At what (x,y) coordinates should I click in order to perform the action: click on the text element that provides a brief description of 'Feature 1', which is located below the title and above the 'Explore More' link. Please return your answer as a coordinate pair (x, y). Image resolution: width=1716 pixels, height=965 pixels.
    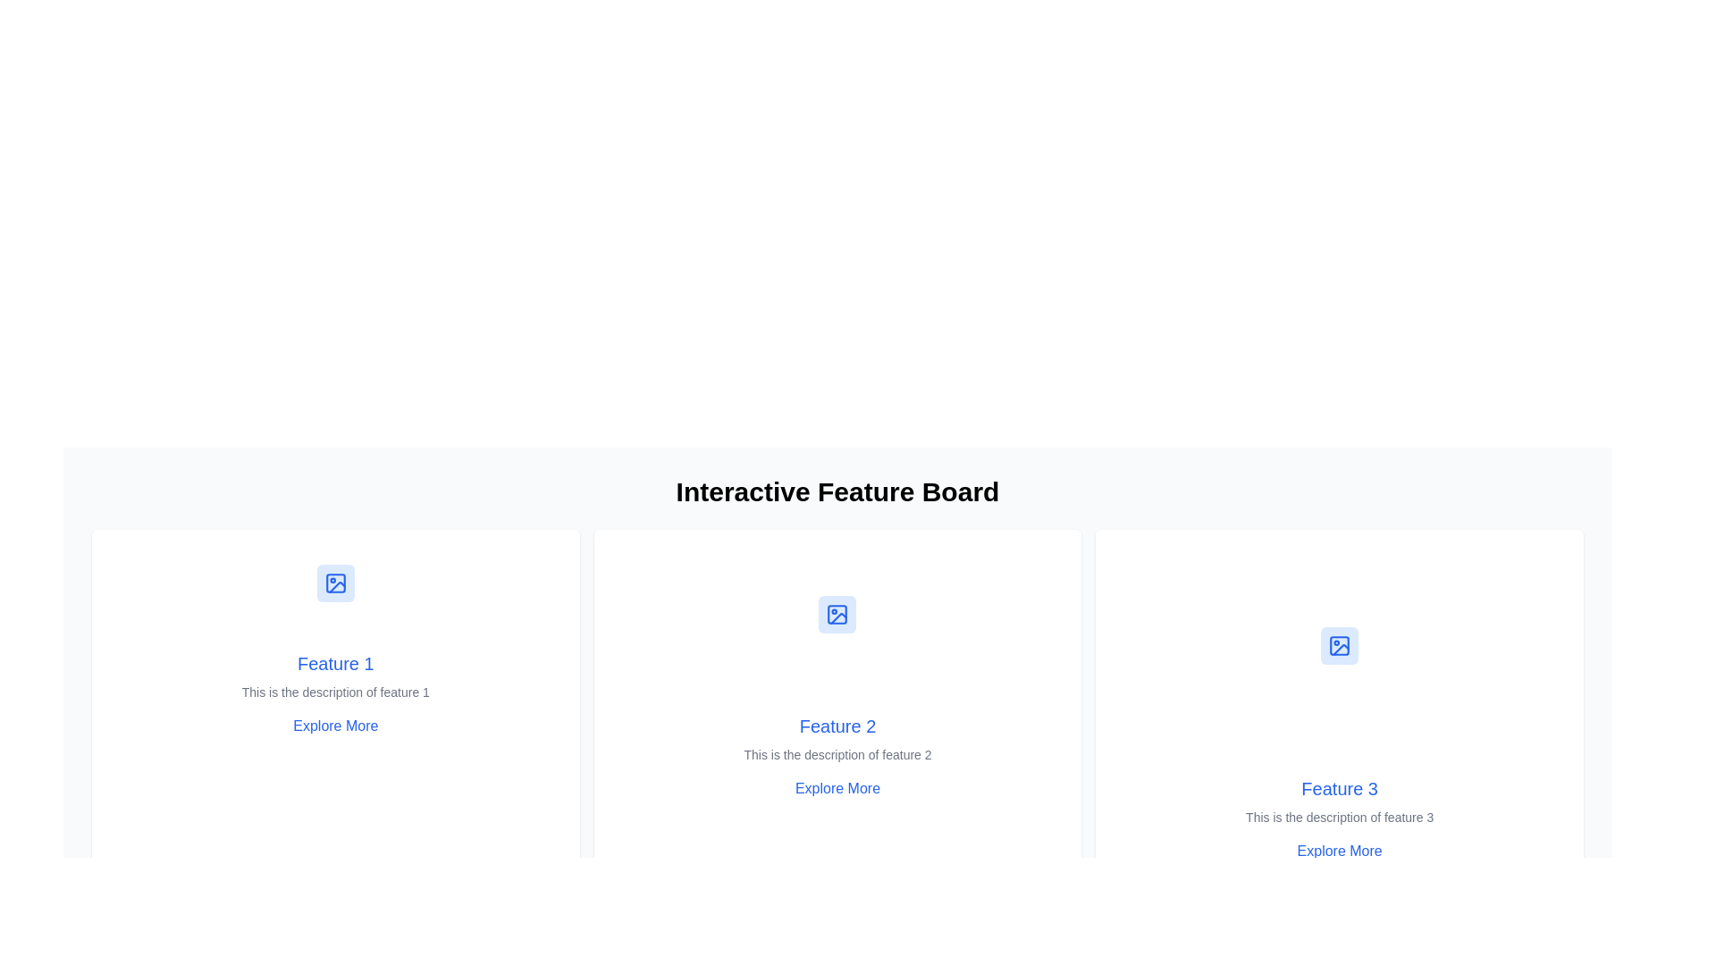
    Looking at the image, I should click on (335, 692).